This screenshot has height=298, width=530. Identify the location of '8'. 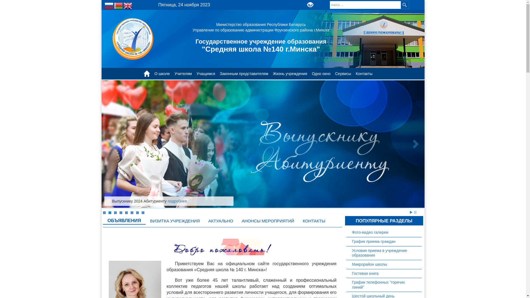
(143, 212).